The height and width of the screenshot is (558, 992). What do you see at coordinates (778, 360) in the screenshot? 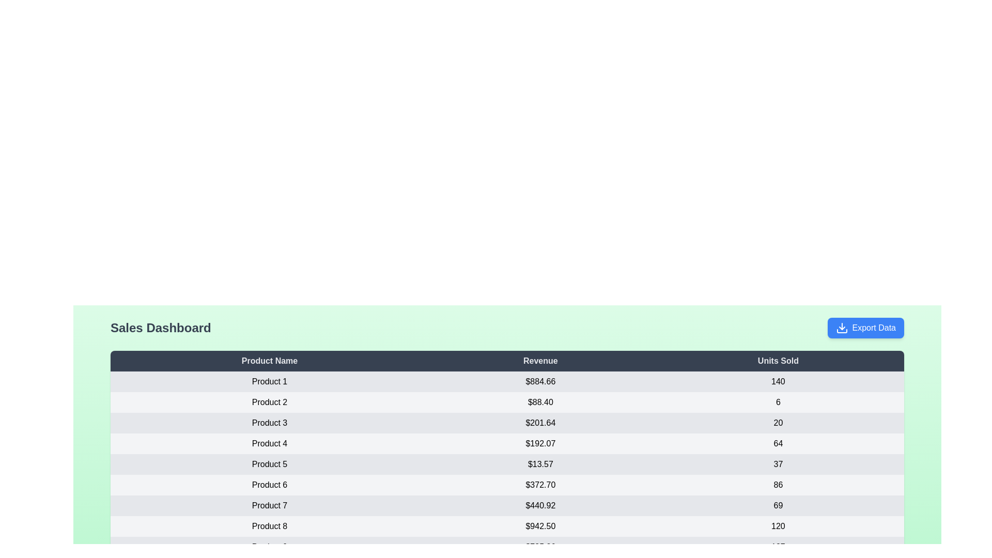
I see `the column header 'Units Sold' to sort the table by that column` at bounding box center [778, 360].